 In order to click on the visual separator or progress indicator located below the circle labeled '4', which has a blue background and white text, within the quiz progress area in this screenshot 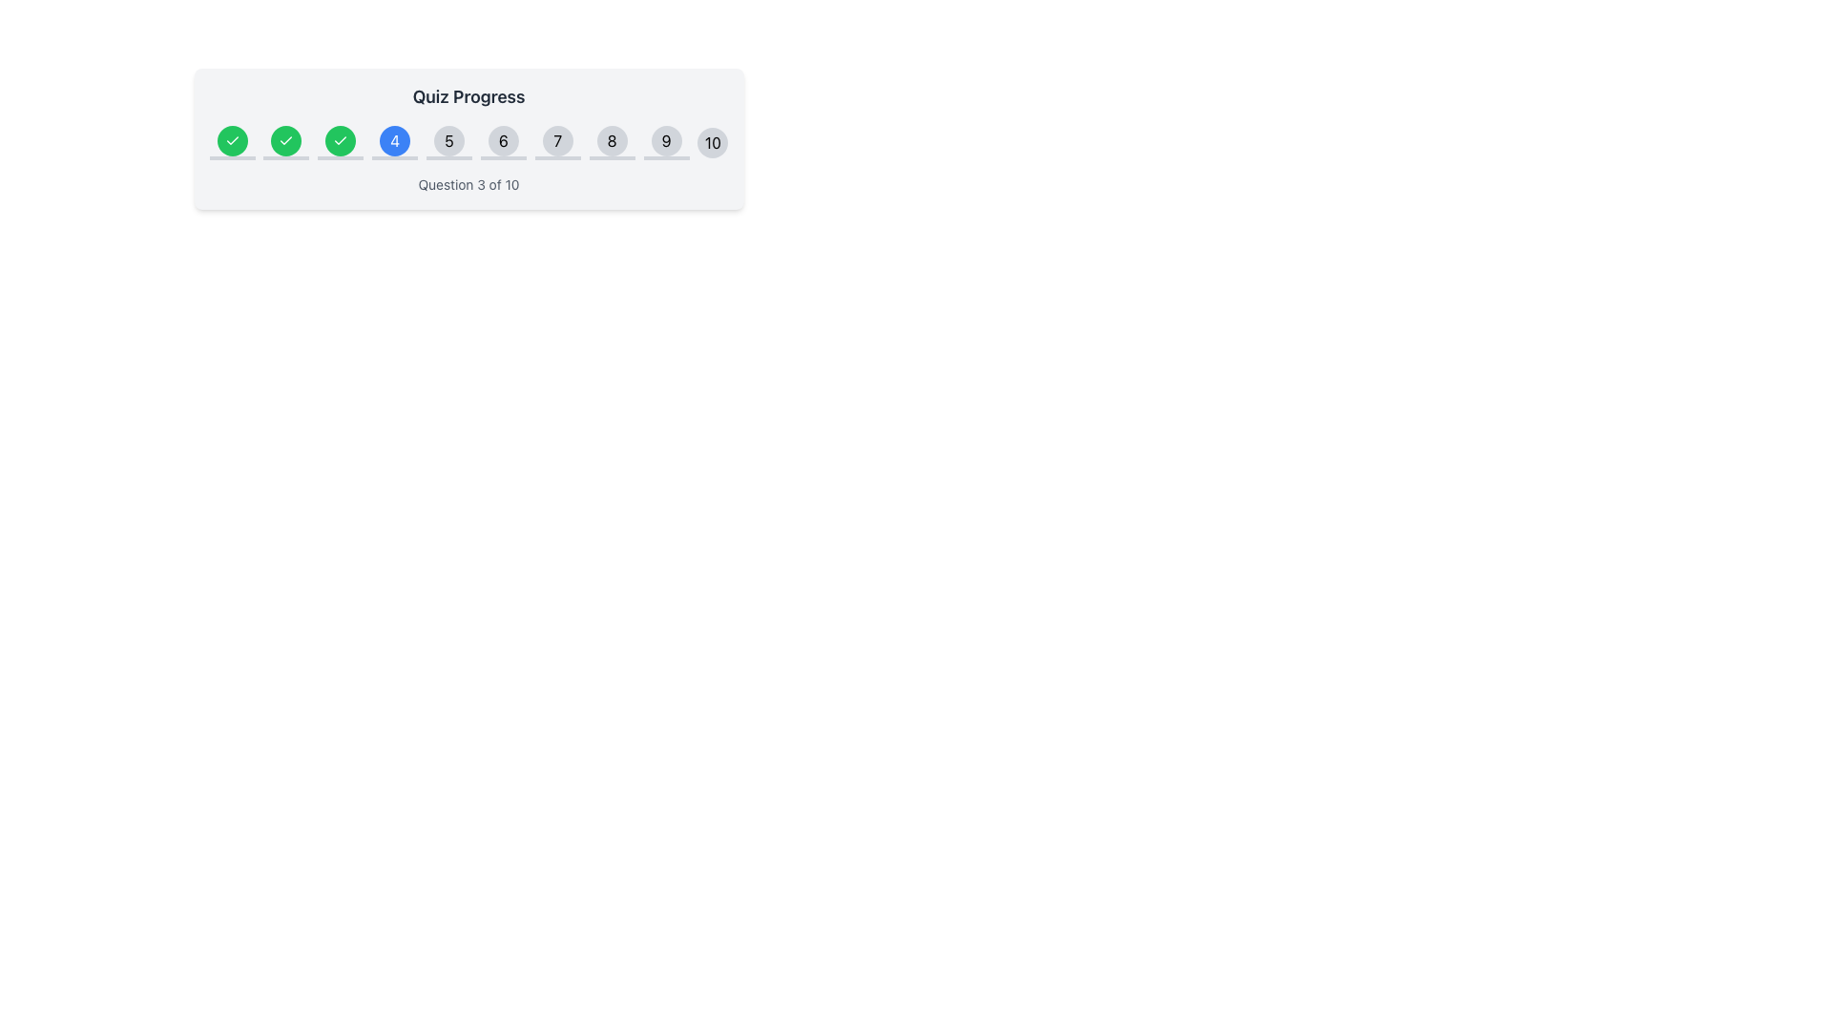, I will do `click(394, 156)`.